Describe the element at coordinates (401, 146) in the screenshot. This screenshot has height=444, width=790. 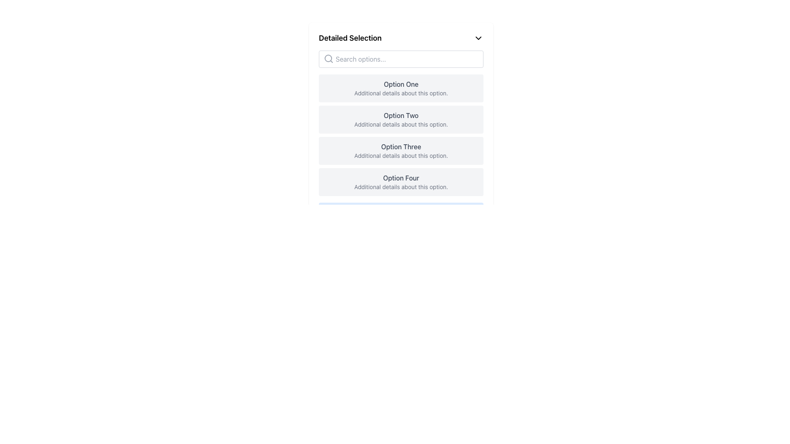
I see `the Text Label that serves as the title for the third selectable option in the list, located below 'Option Two' and above 'Additional details about this option.'` at that location.